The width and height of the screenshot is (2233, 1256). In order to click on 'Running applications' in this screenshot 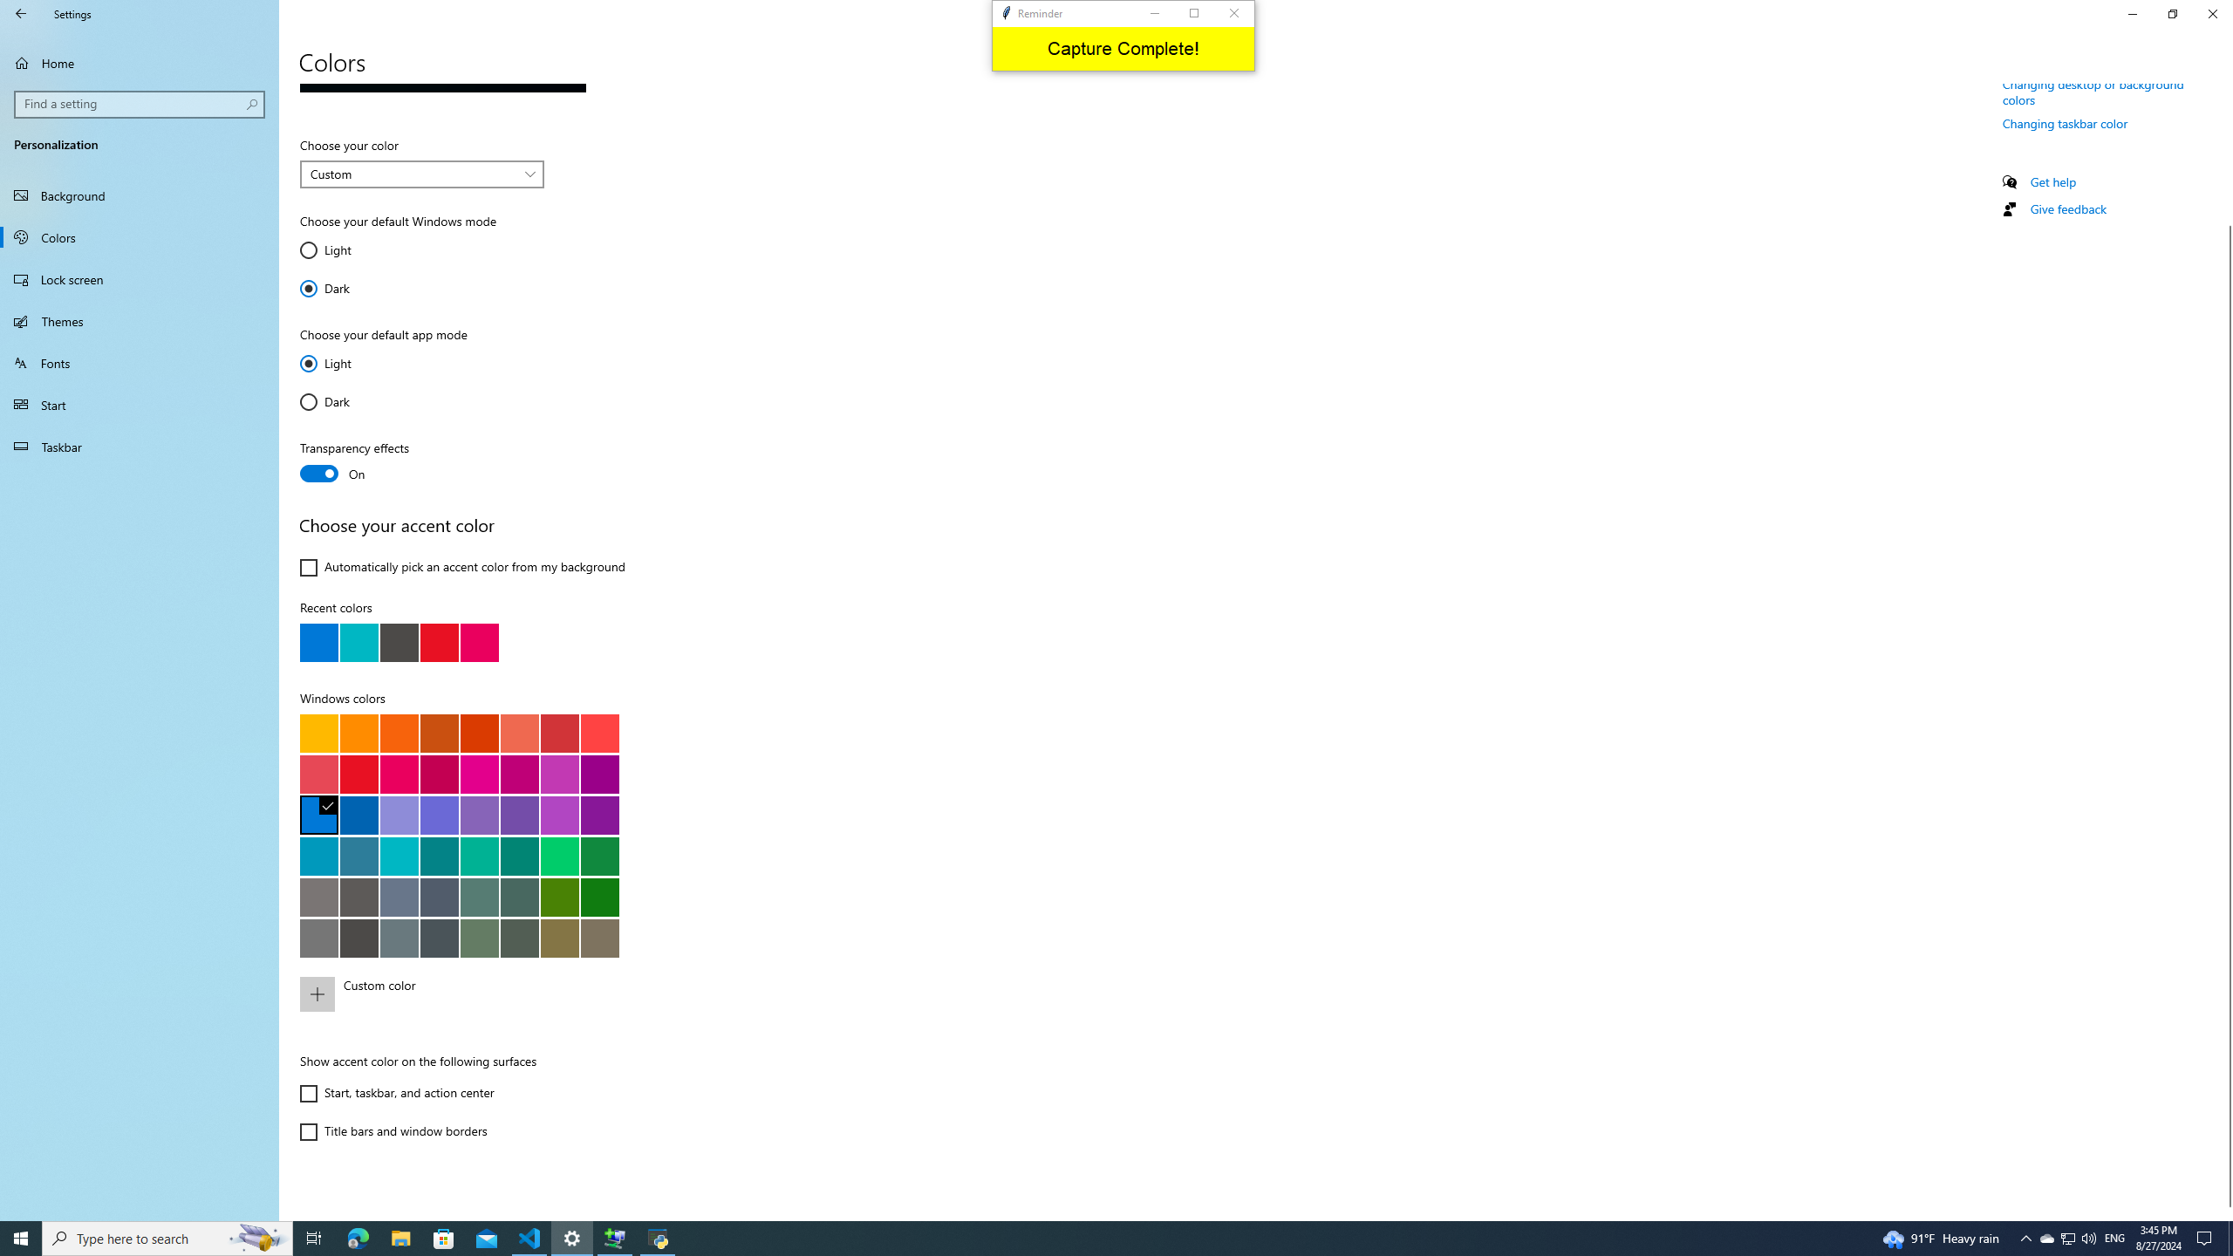, I will do `click(1083, 1237)`.